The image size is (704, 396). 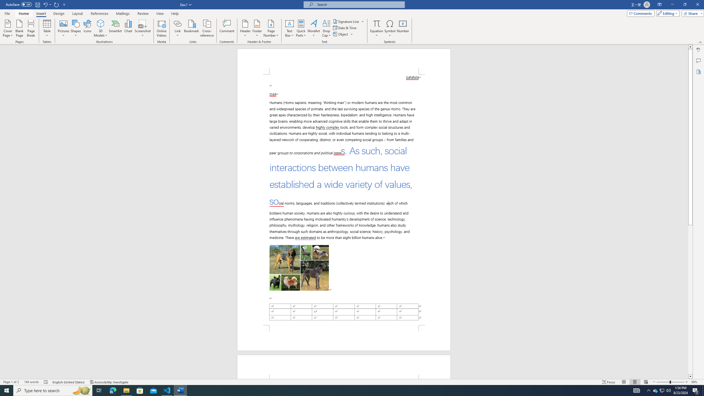 What do you see at coordinates (299, 268) in the screenshot?
I see `'Morphological variation in six dogs'` at bounding box center [299, 268].